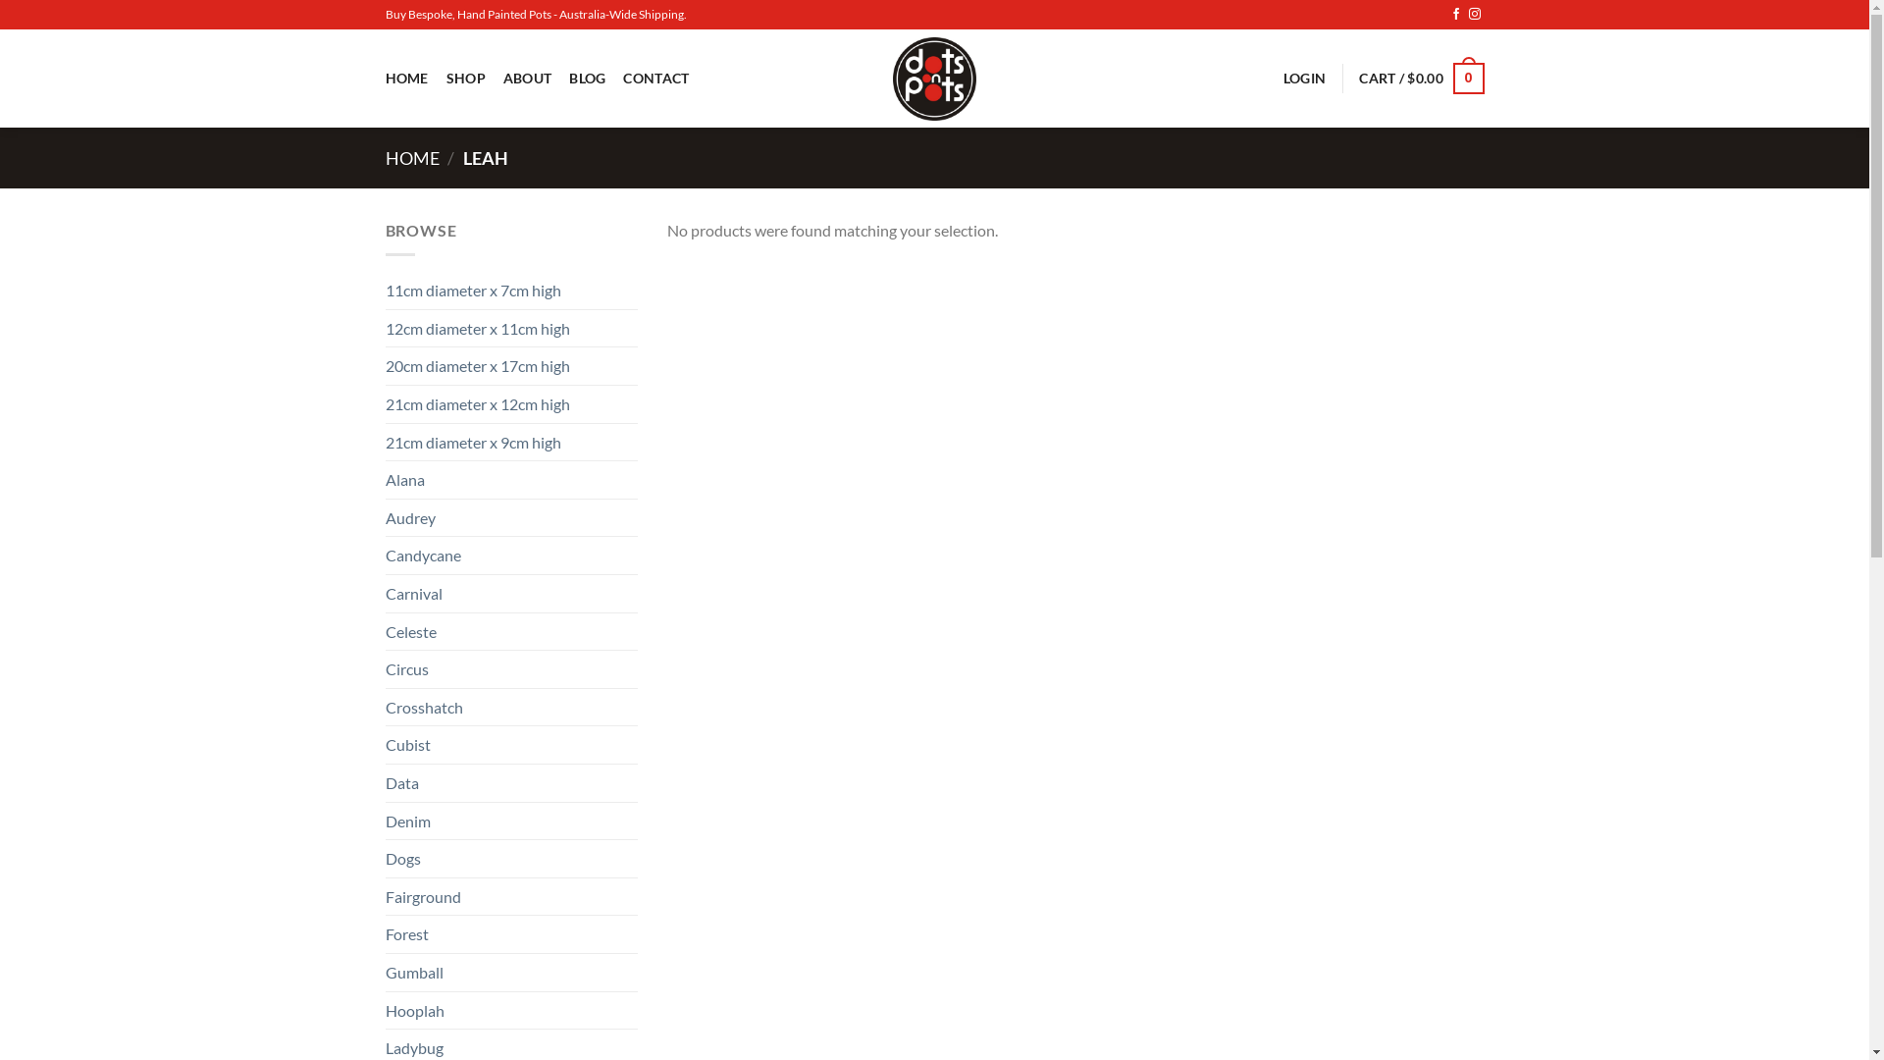 The width and height of the screenshot is (1884, 1060). What do you see at coordinates (511, 517) in the screenshot?
I see `'Audrey'` at bounding box center [511, 517].